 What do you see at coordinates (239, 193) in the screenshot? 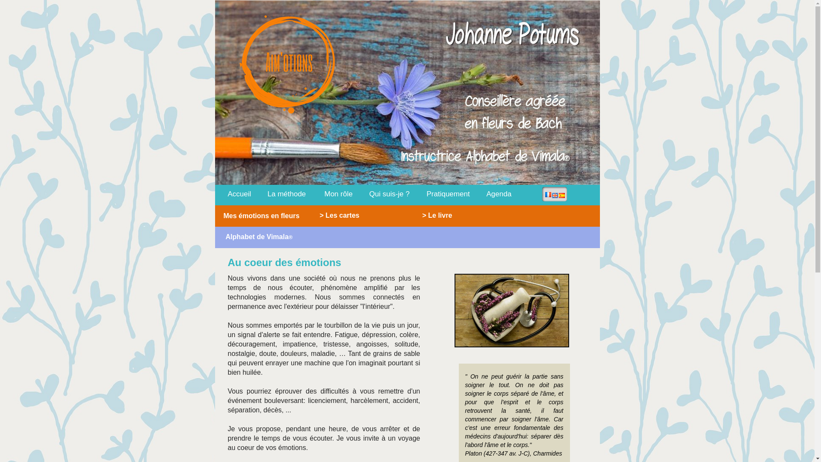
I see `'Accueil'` at bounding box center [239, 193].